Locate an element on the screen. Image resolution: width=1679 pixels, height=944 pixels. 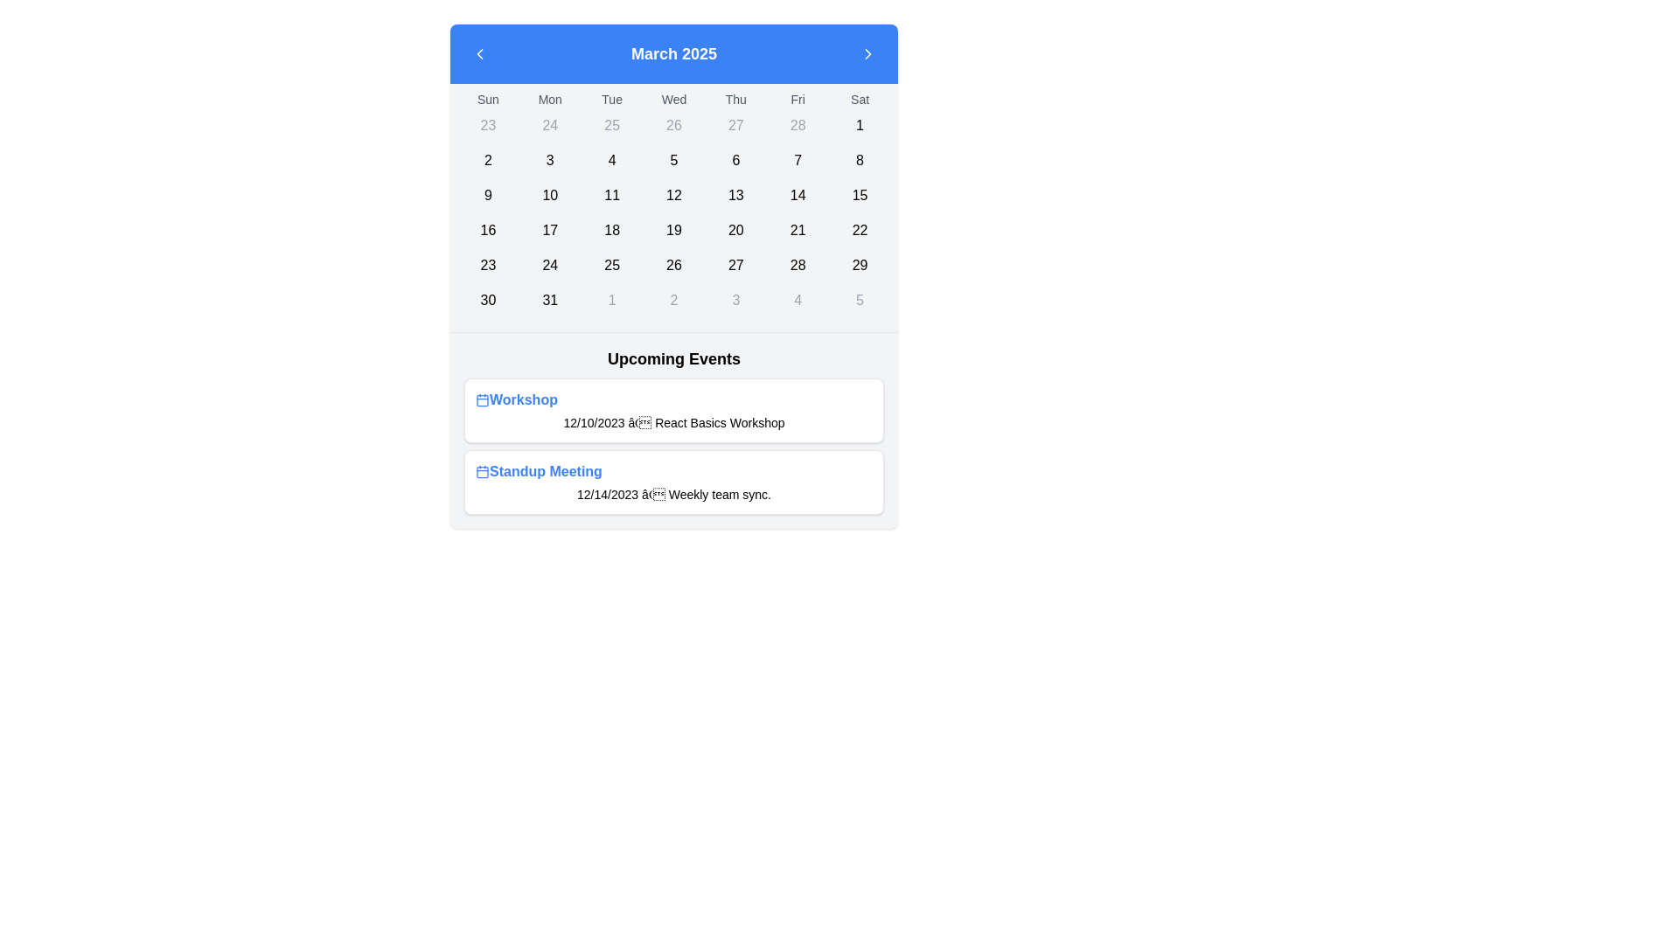
the active calendar day cell displaying the number '16' in the fourth row under the 'Sun' column is located at coordinates (488, 229).